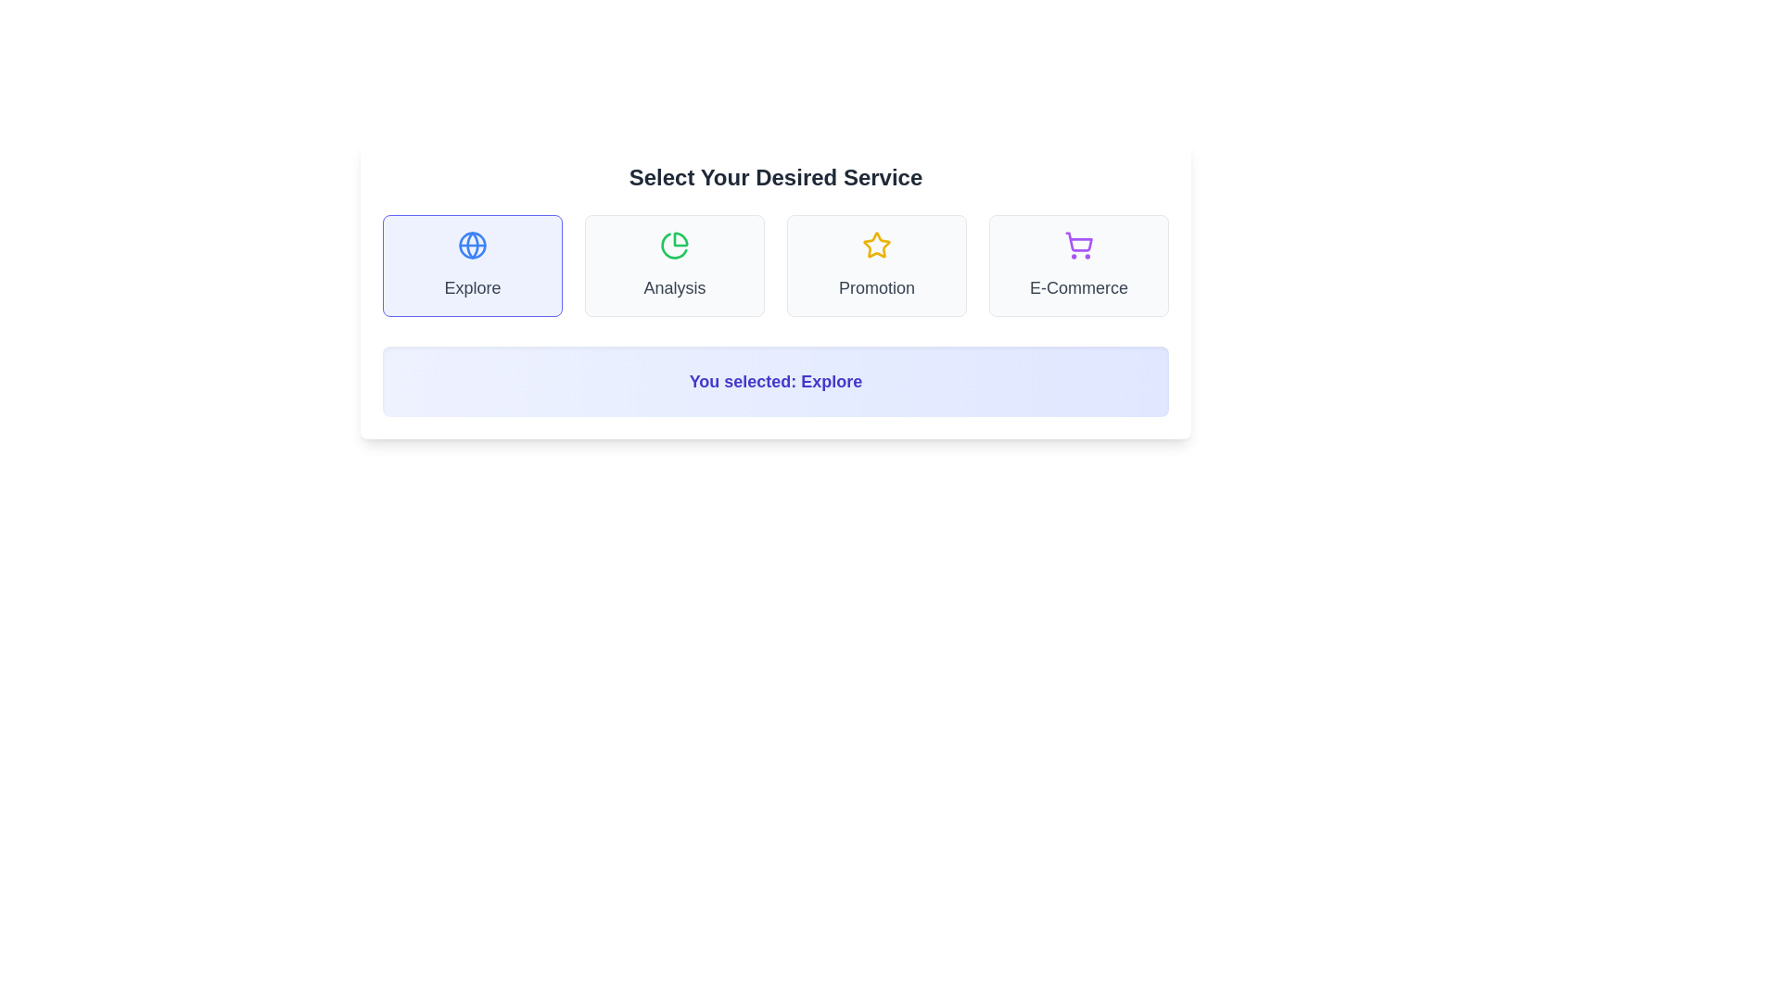 The width and height of the screenshot is (1780, 1001). Describe the element at coordinates (875, 245) in the screenshot. I see `the 'Promotion' icon, which is located at the center of the 'Promotion' button, the third button in the horizontal list` at that location.